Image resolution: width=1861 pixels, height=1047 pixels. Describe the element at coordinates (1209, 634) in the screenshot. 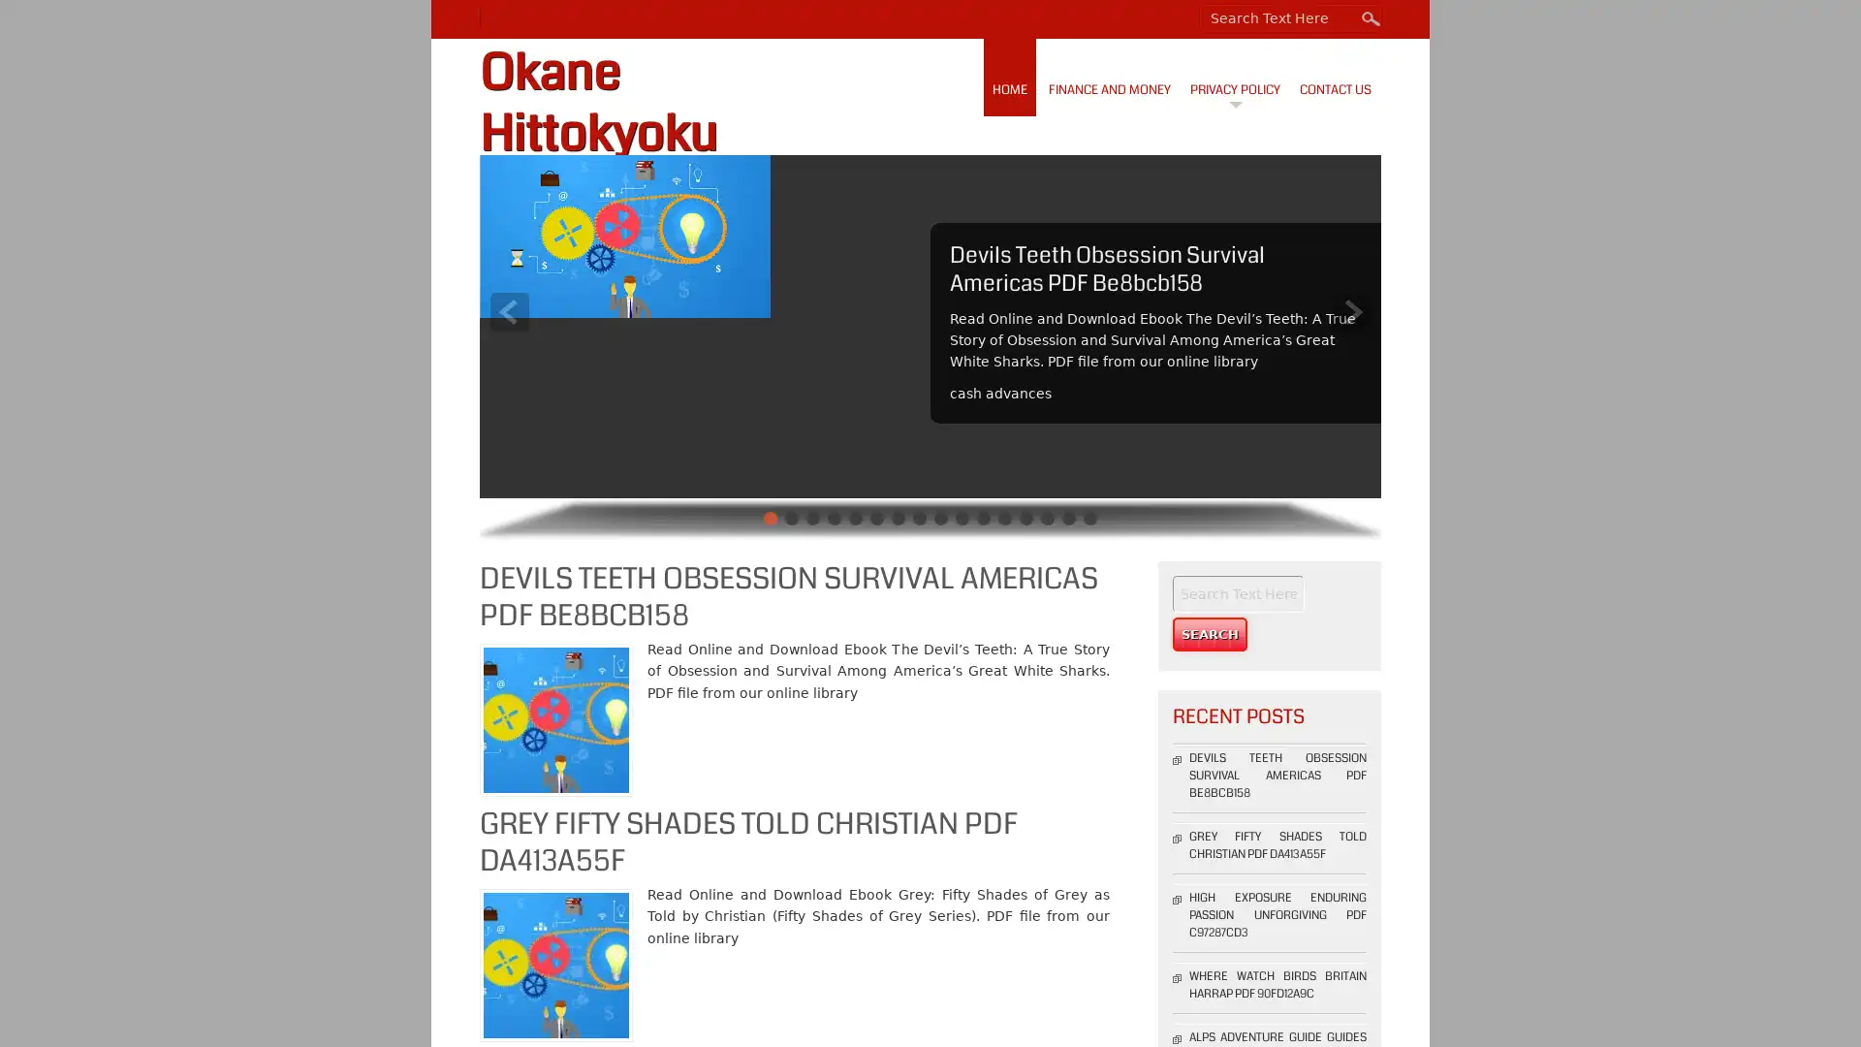

I see `Search` at that location.